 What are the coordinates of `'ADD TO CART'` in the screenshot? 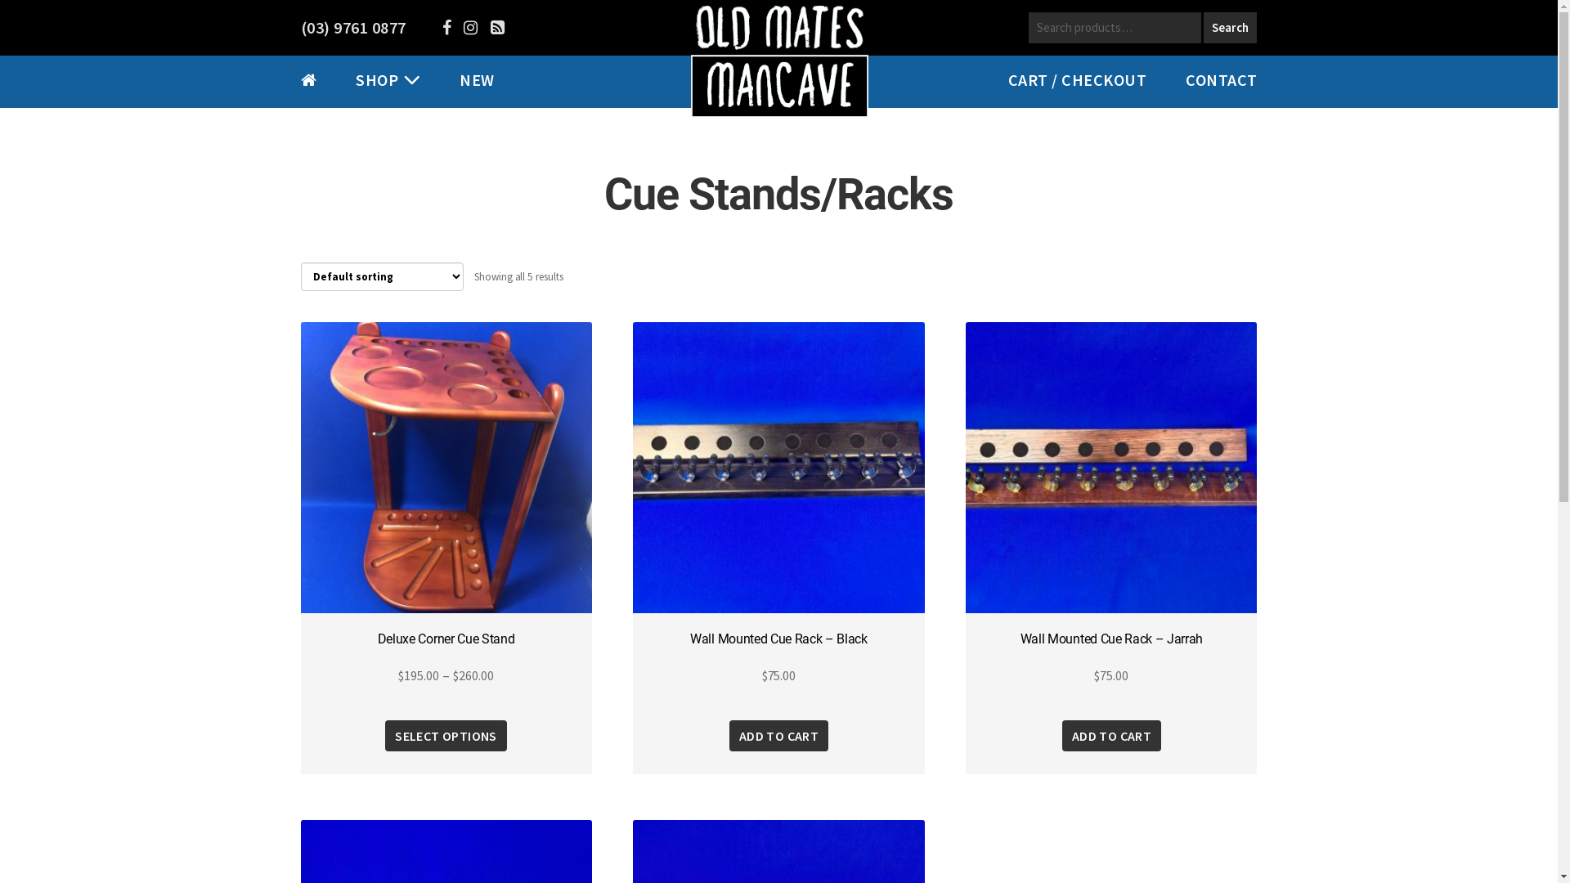 It's located at (778, 734).